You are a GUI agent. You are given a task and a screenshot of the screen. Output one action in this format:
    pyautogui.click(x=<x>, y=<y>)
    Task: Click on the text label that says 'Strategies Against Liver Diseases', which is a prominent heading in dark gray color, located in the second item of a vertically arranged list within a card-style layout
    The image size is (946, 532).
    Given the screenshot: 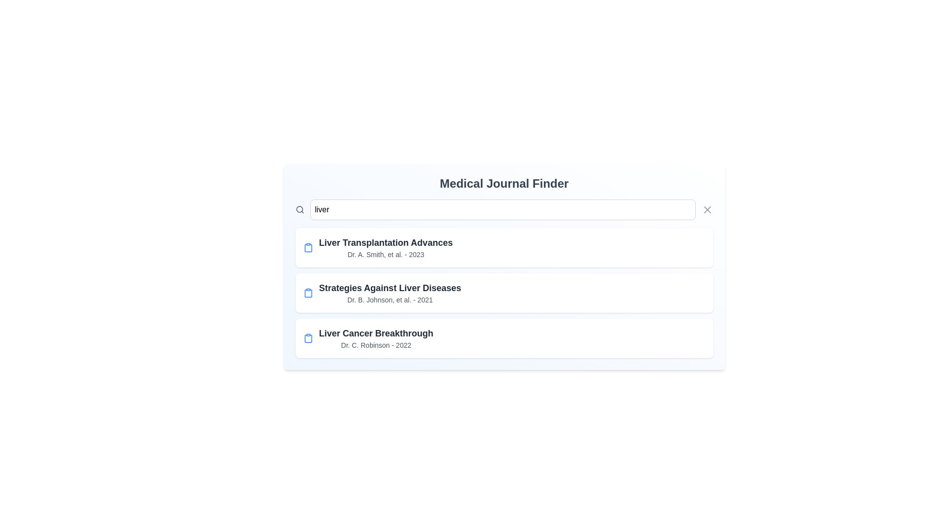 What is the action you would take?
    pyautogui.click(x=389, y=288)
    